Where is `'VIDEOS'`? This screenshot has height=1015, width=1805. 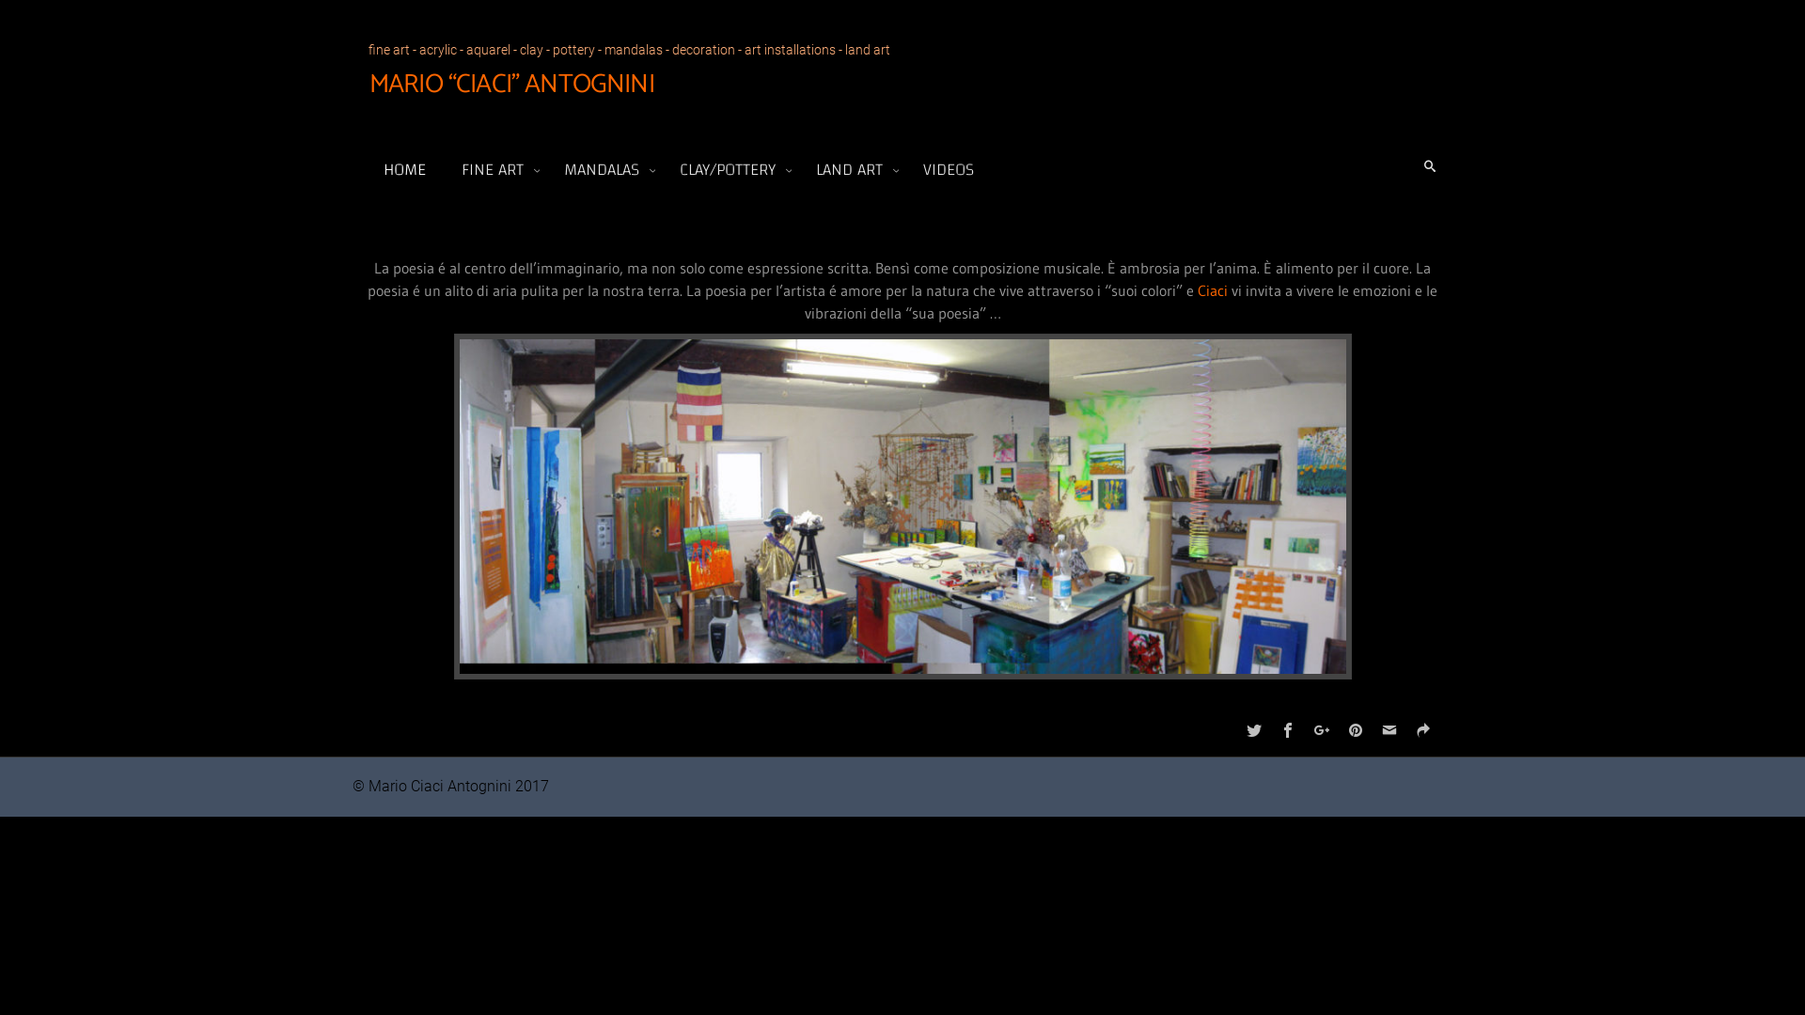 'VIDEOS' is located at coordinates (913, 169).